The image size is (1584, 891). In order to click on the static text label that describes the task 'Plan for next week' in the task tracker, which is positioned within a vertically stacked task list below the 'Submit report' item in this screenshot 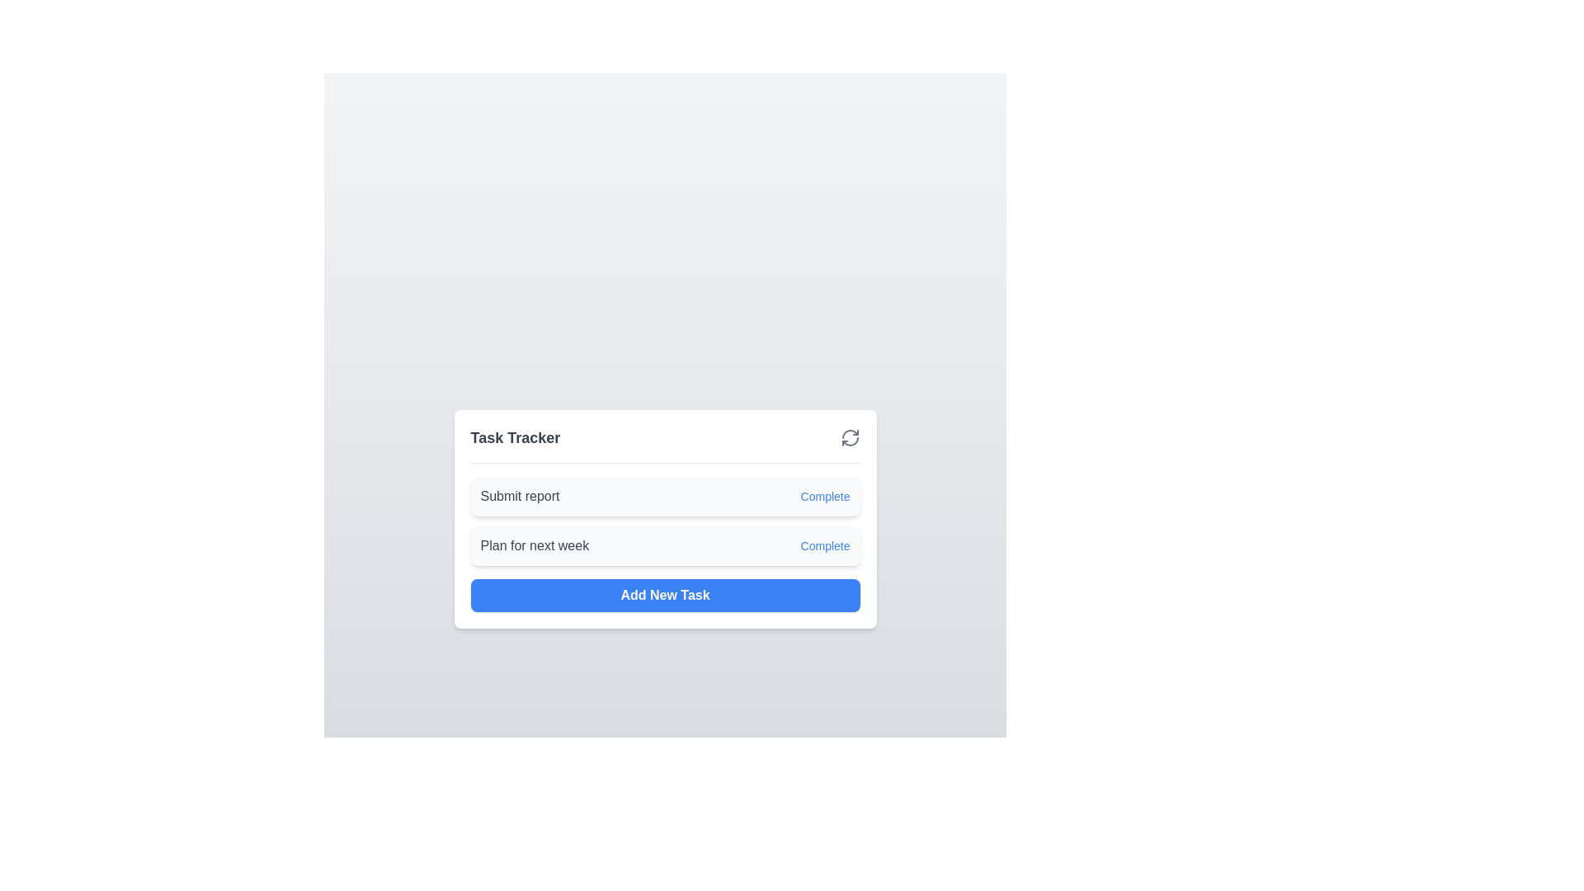, I will do `click(535, 545)`.